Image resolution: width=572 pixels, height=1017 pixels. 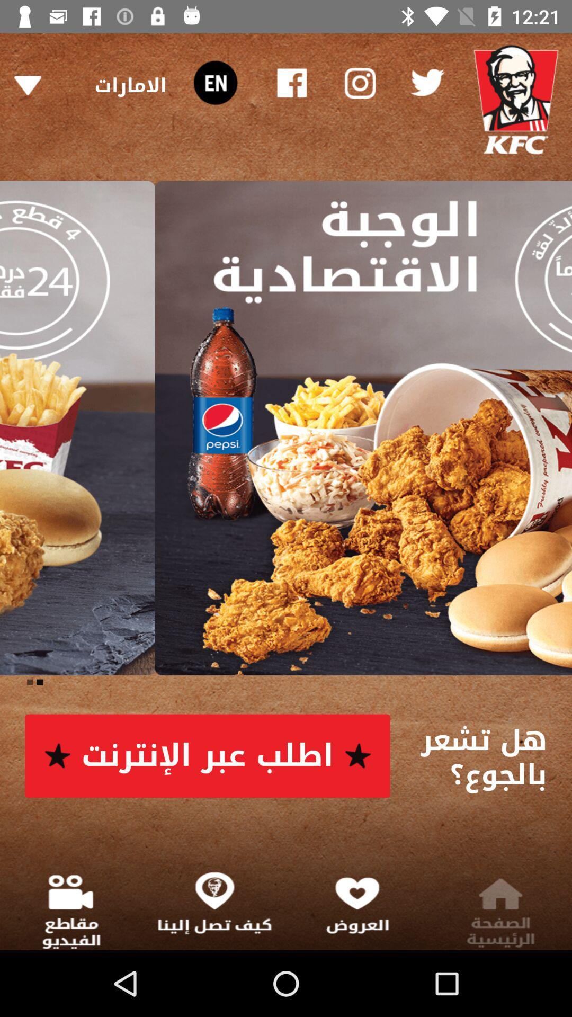 I want to click on the videocam icon, so click(x=215, y=82).